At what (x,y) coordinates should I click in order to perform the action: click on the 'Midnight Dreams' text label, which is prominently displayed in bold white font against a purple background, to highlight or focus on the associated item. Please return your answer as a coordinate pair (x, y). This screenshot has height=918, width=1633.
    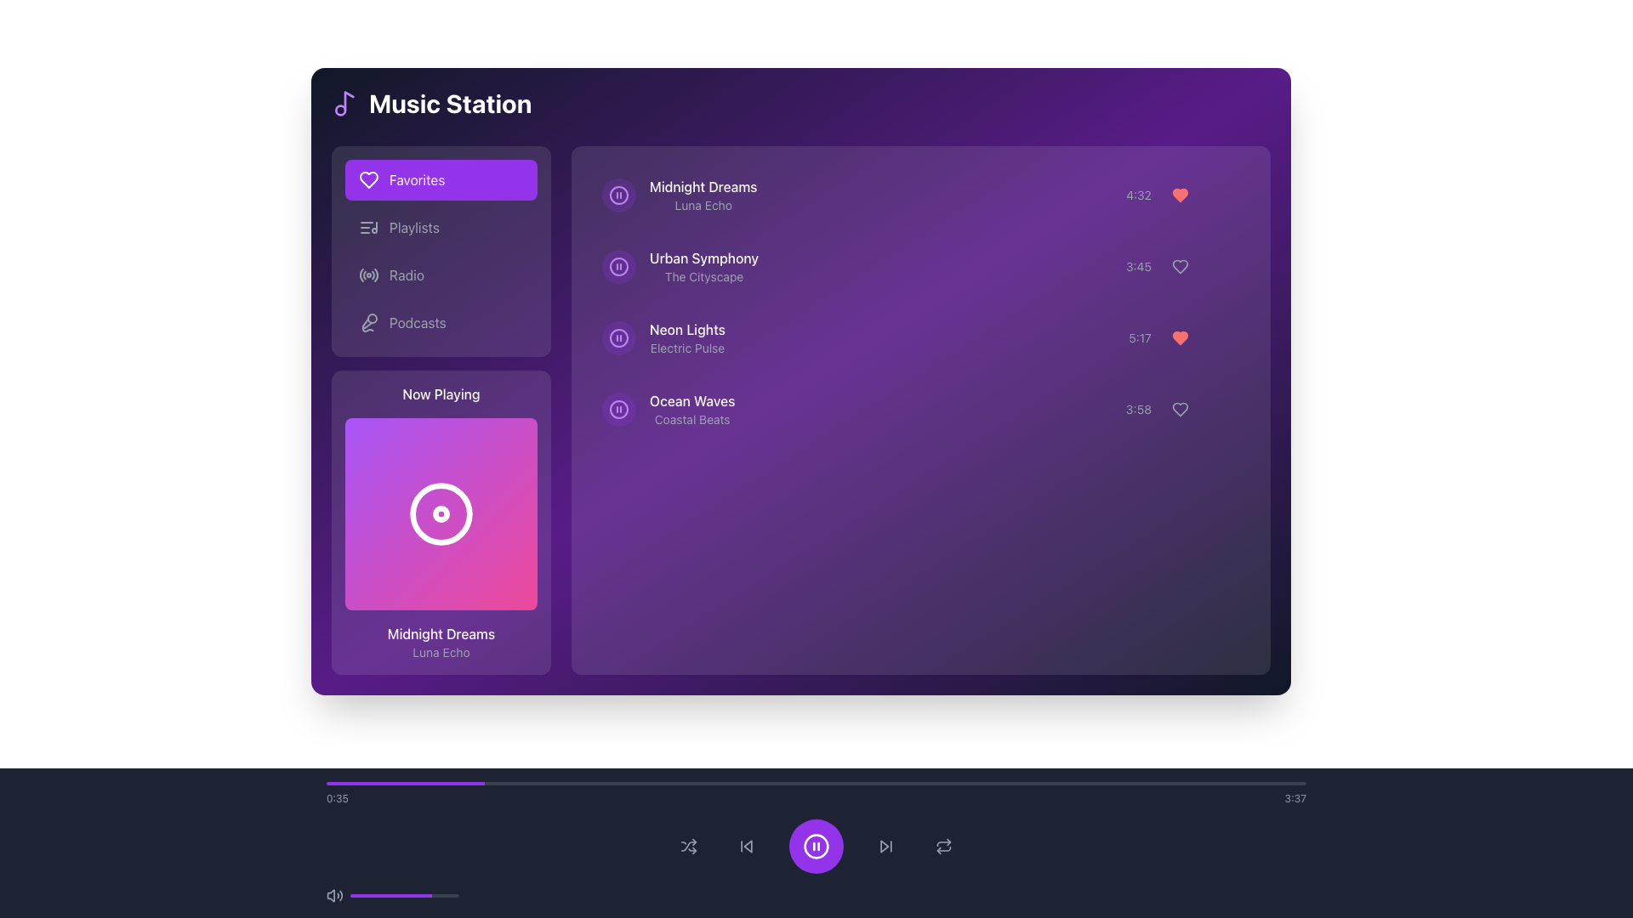
    Looking at the image, I should click on (703, 186).